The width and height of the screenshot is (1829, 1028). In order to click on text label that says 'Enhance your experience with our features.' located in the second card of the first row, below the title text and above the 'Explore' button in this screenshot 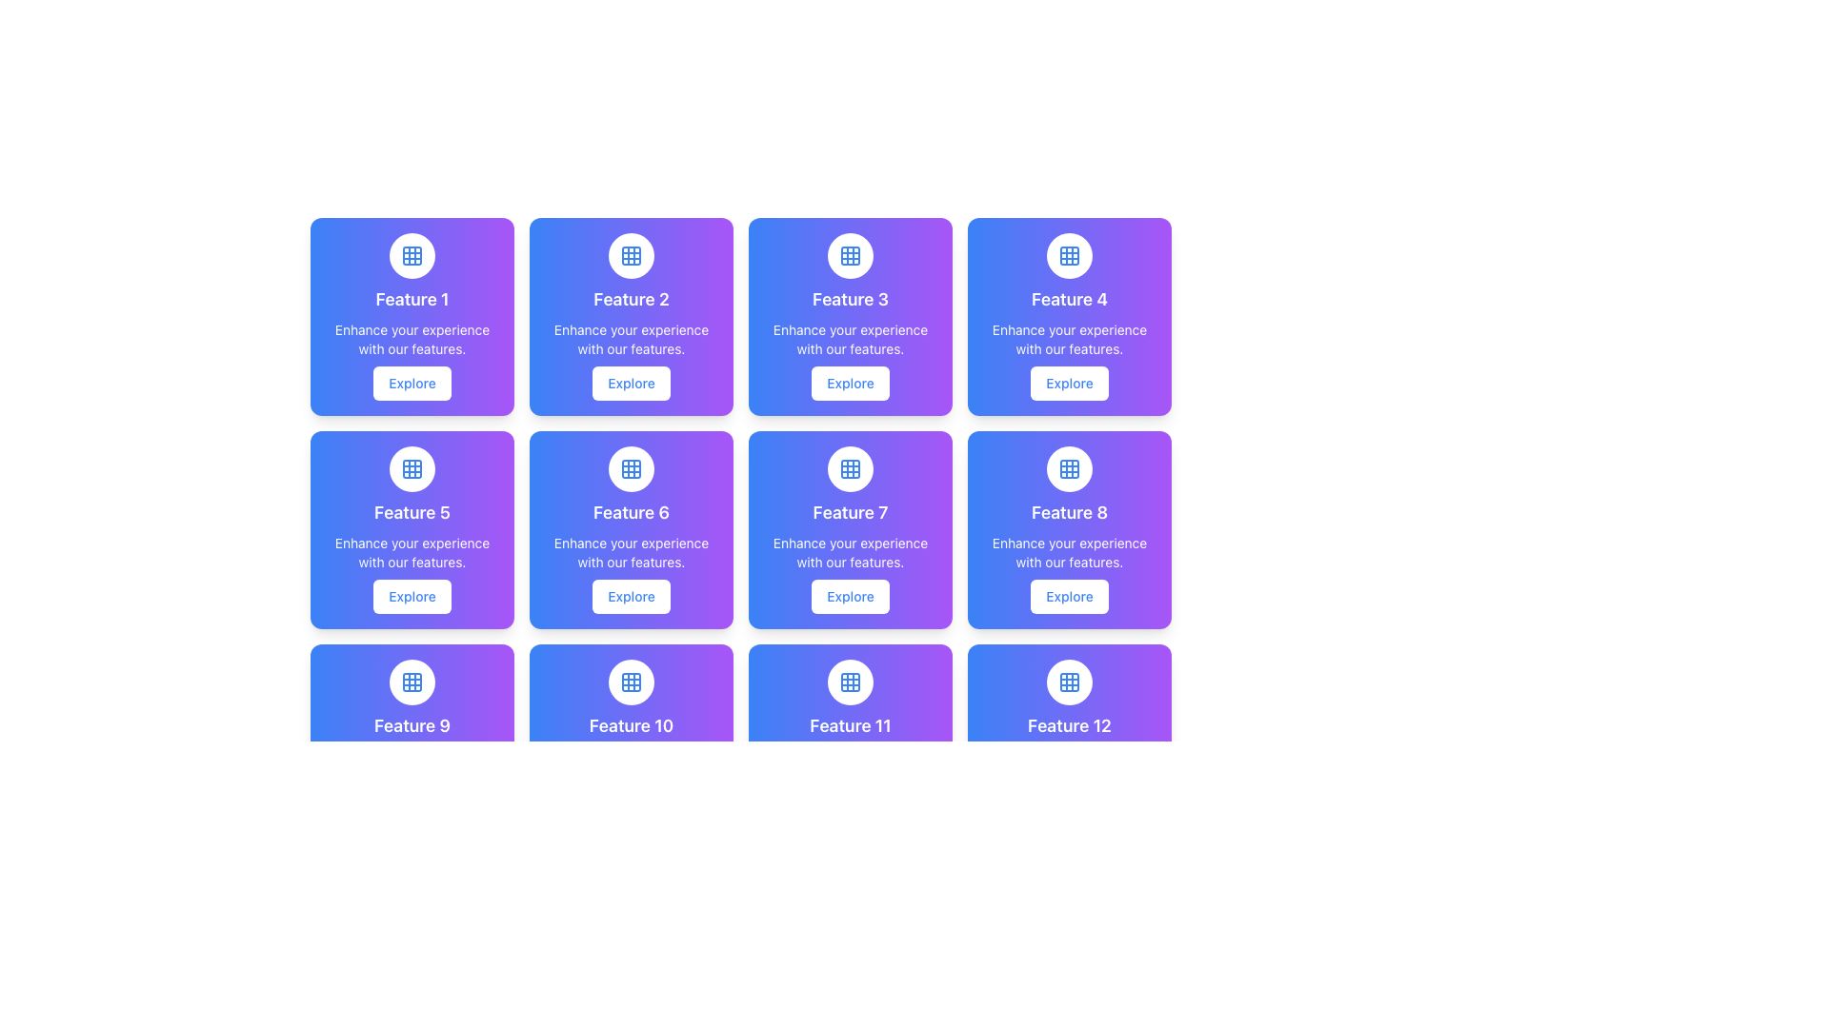, I will do `click(631, 339)`.